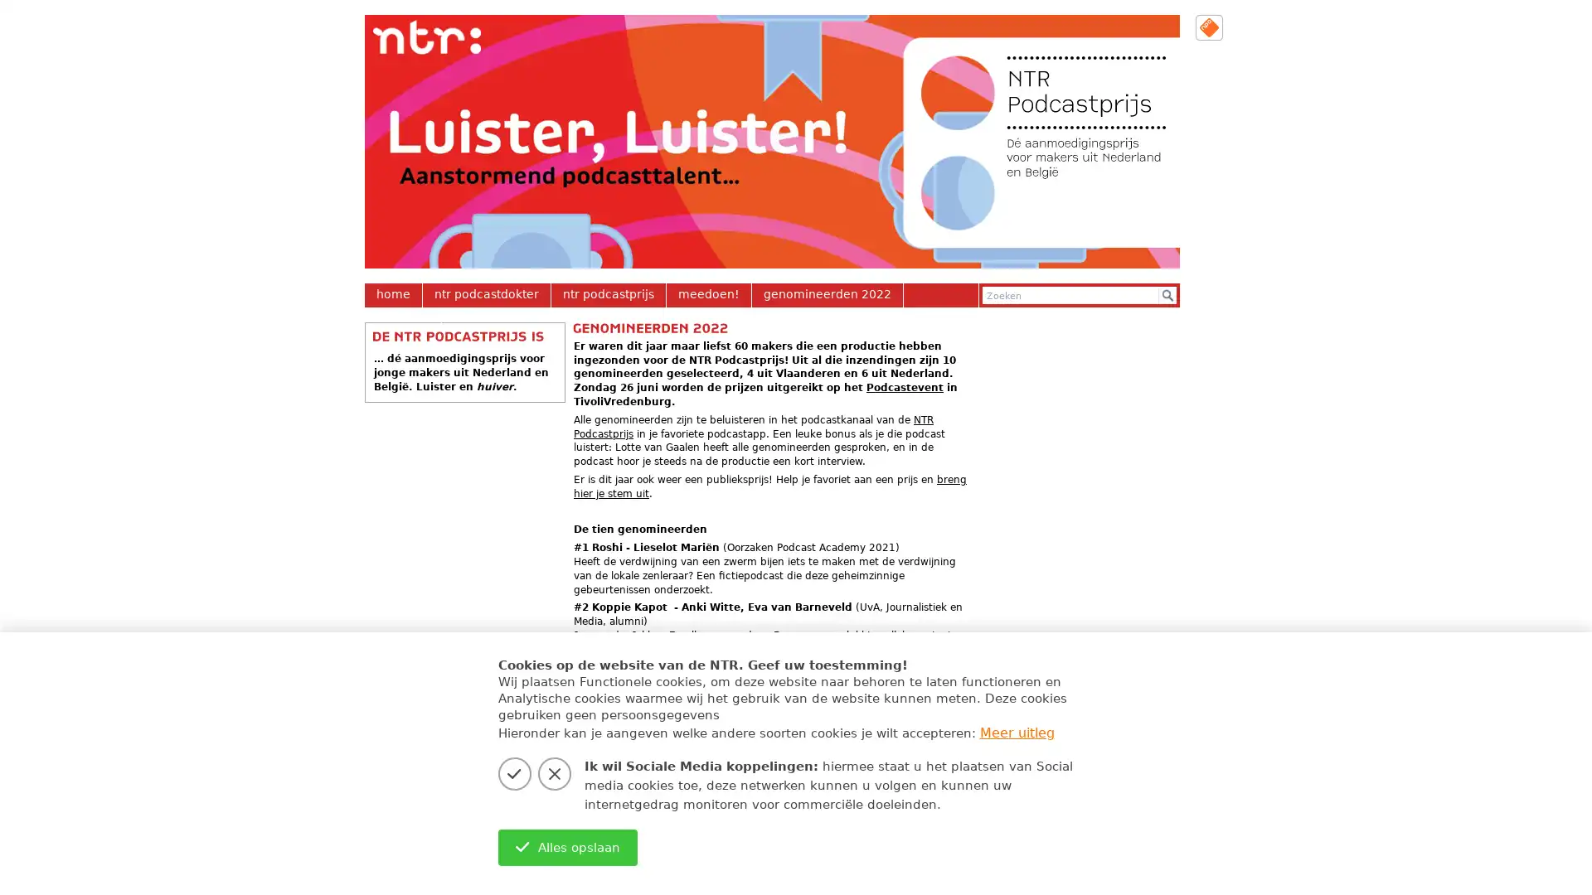 This screenshot has height=895, width=1592. What do you see at coordinates (567, 847) in the screenshot?
I see `Alles opslaan` at bounding box center [567, 847].